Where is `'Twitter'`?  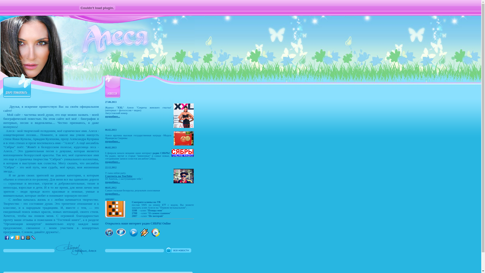
'Twitter' is located at coordinates (10, 238).